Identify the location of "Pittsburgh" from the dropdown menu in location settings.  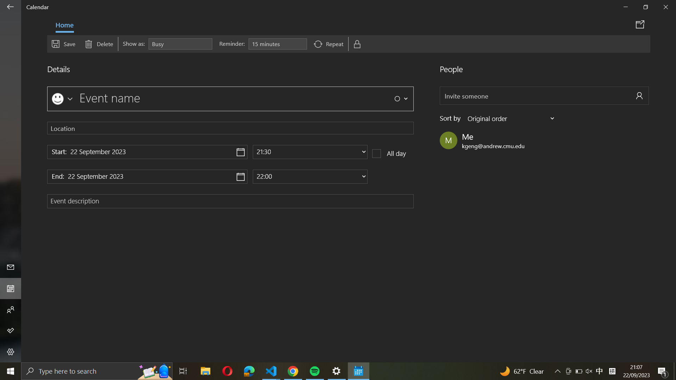
(230, 128).